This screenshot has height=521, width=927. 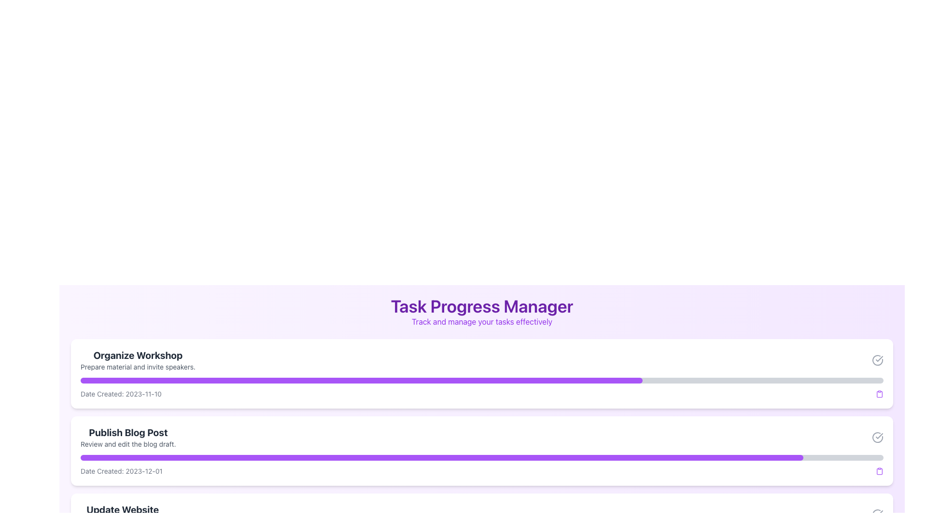 I want to click on the icon located at the rightmost part of the 'Publish Blog Post' task card, so click(x=880, y=470).